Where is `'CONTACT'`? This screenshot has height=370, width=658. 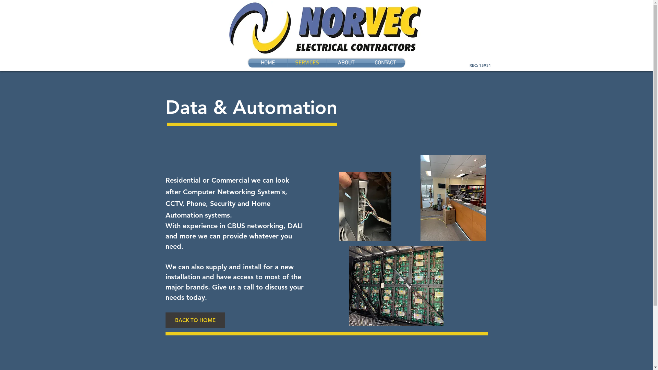
'CONTACT' is located at coordinates (385, 63).